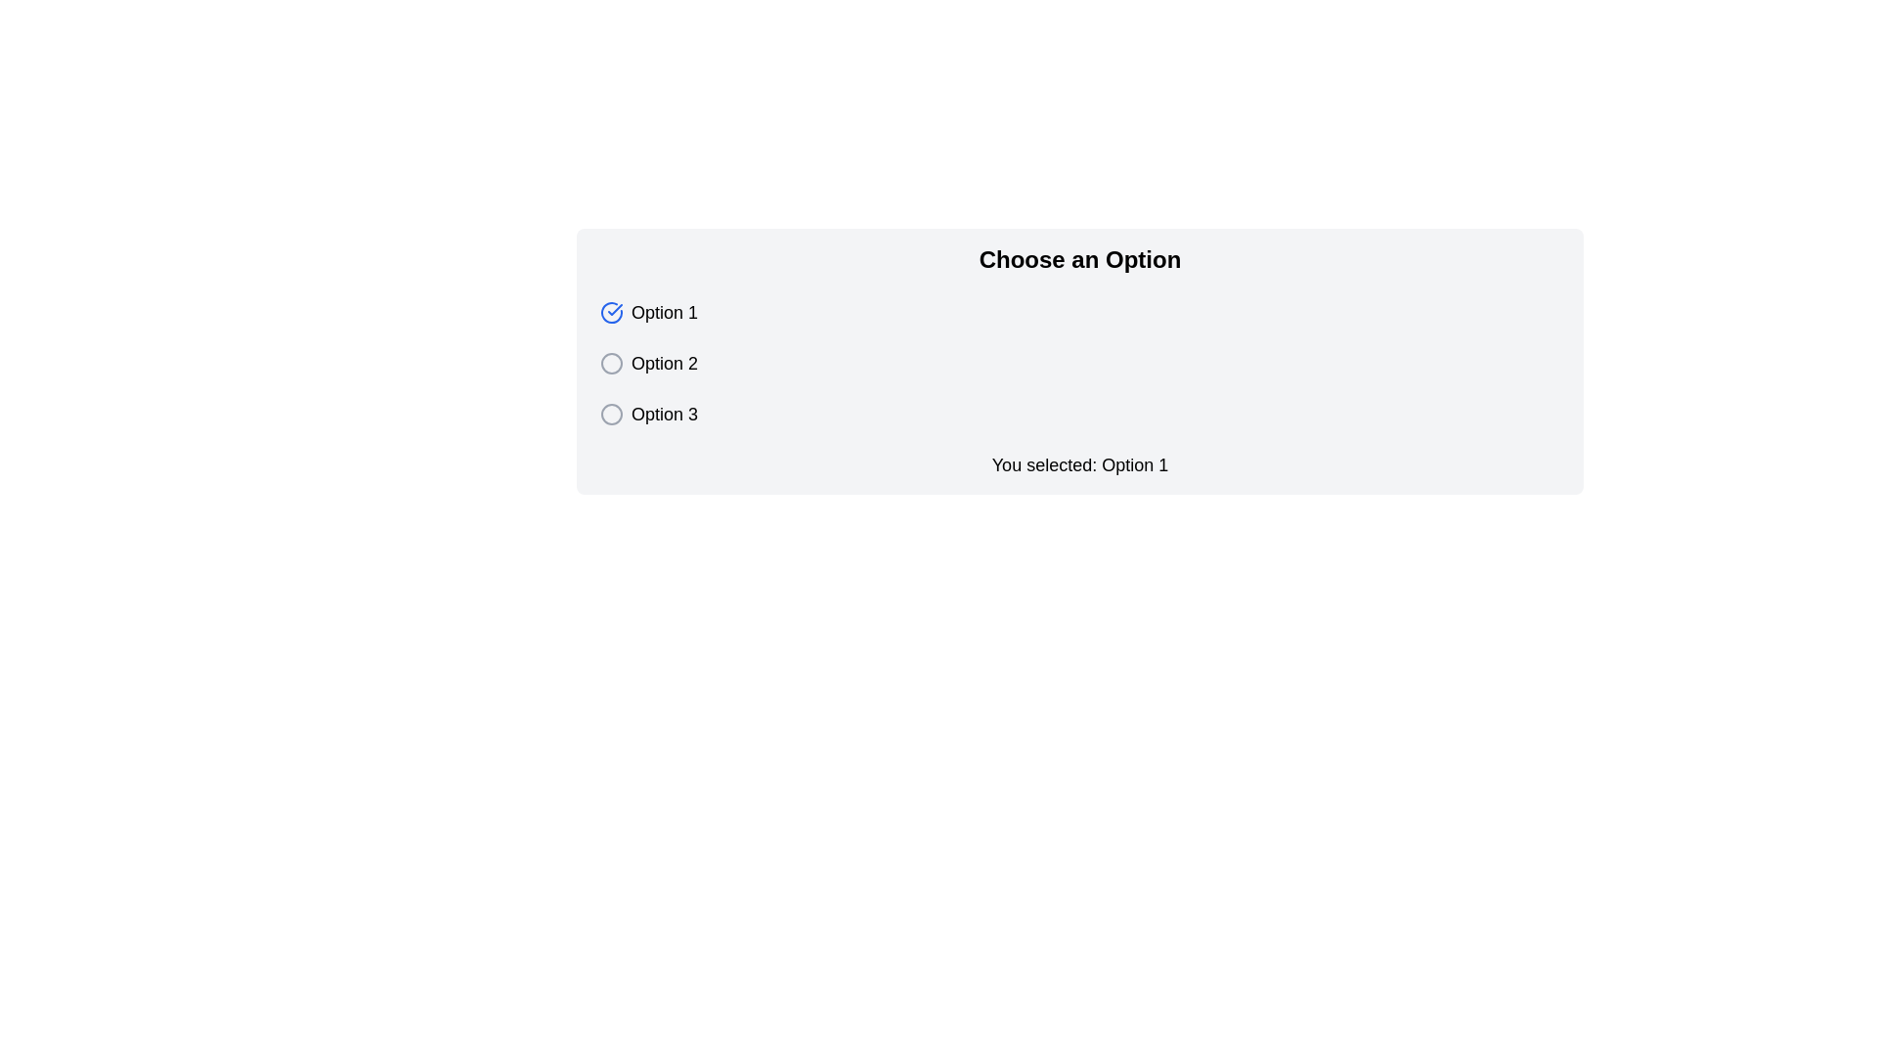  Describe the element at coordinates (610, 414) in the screenshot. I see `the center of the unselected radio button for 'Option 3'` at that location.